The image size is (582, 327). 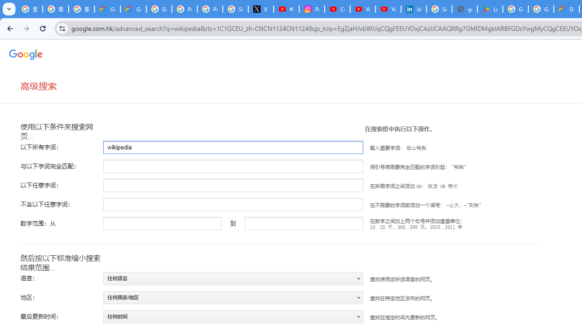 I want to click on 'Privacy Help Center - Policies Help', so click(x=210, y=9).